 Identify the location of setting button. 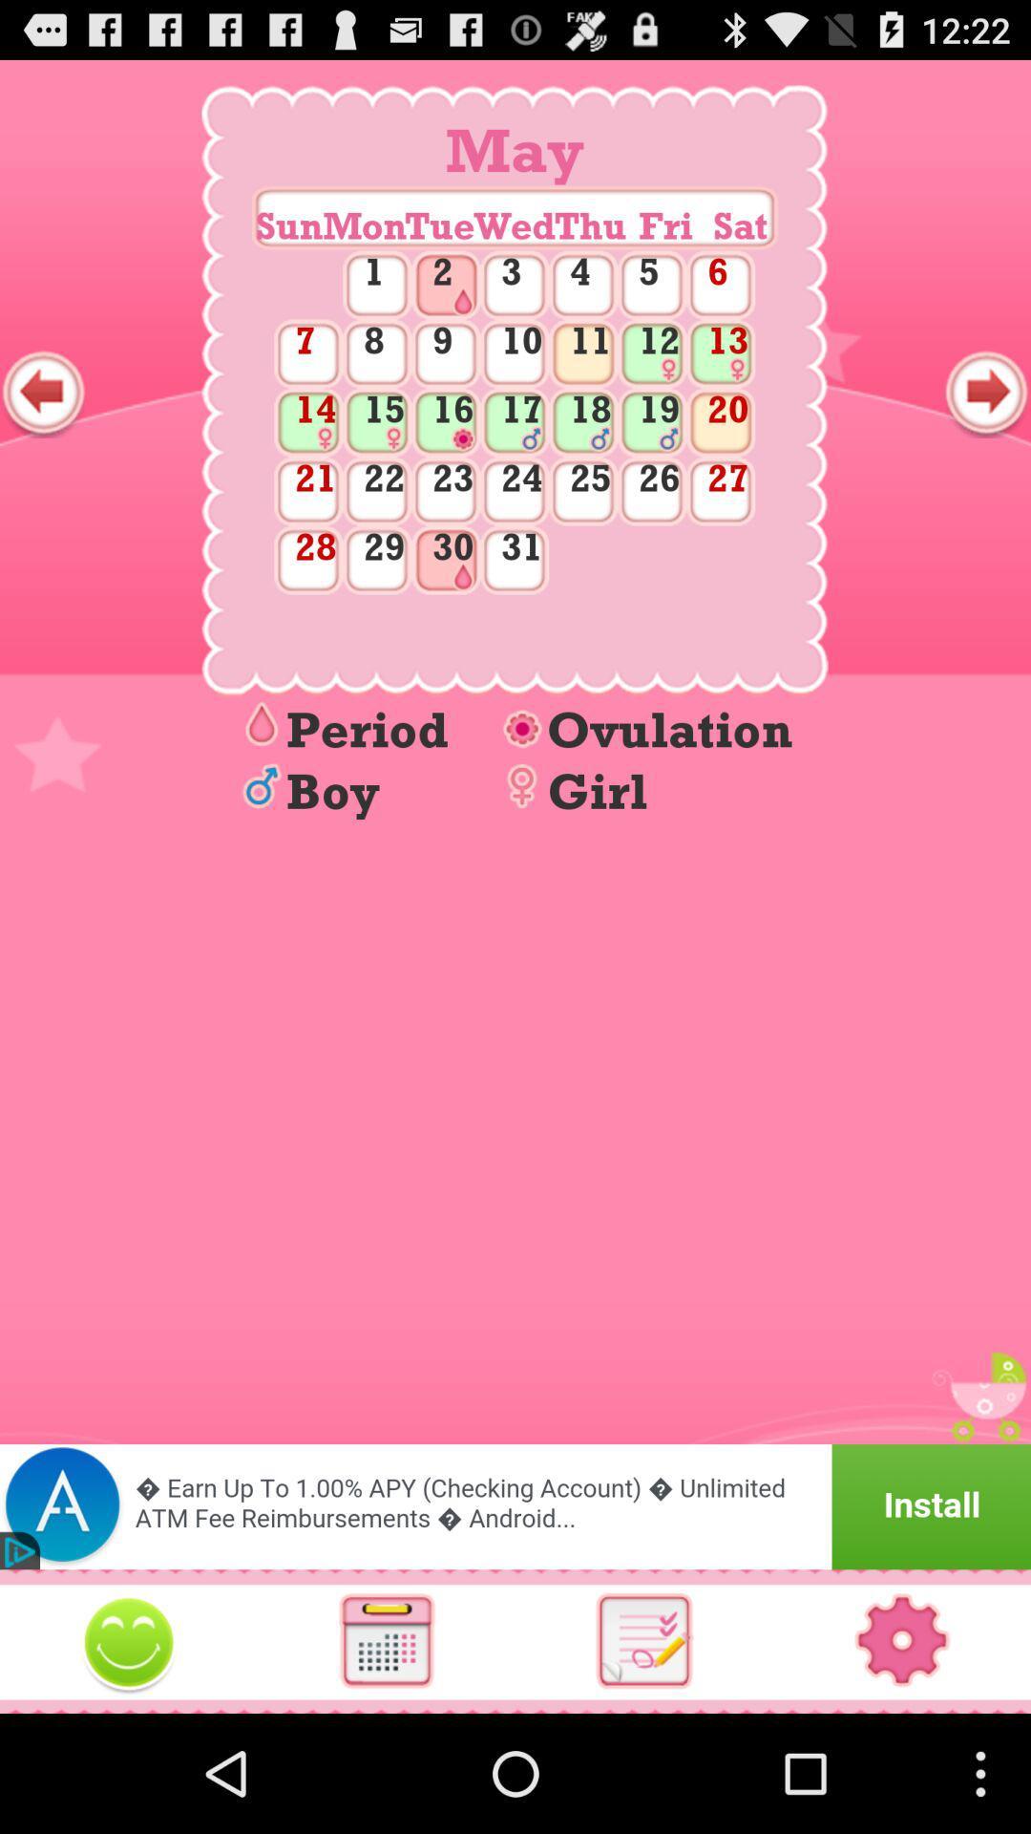
(902, 1640).